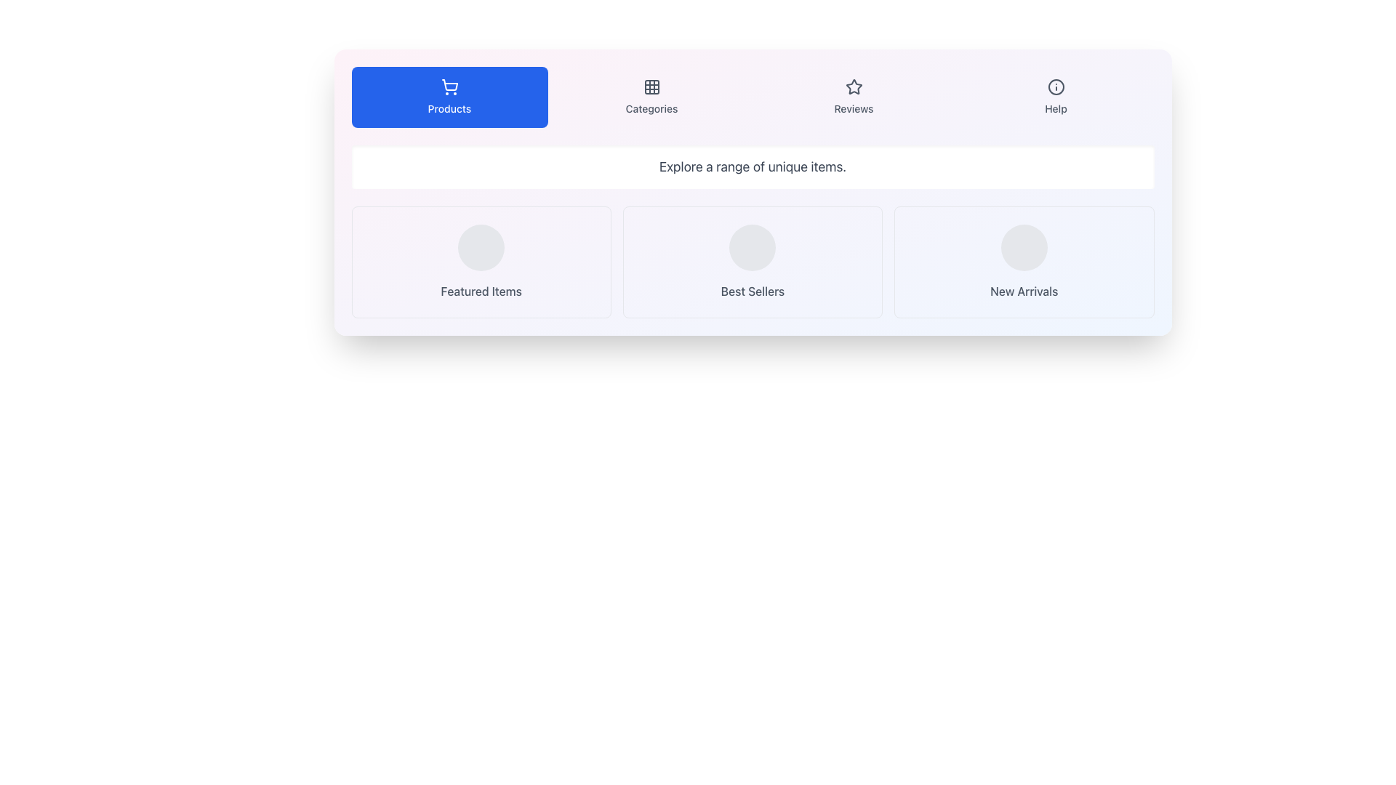 This screenshot has height=785, width=1396. Describe the element at coordinates (481, 262) in the screenshot. I see `the 'Featured Items' static category card, which is positioned first in a row of three cards in a grid layout` at that location.